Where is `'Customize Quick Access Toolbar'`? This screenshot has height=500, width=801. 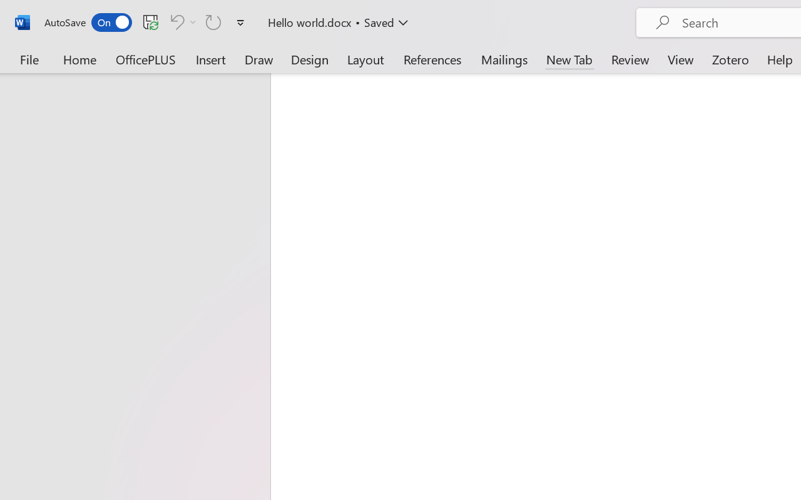 'Customize Quick Access Toolbar' is located at coordinates (240, 22).